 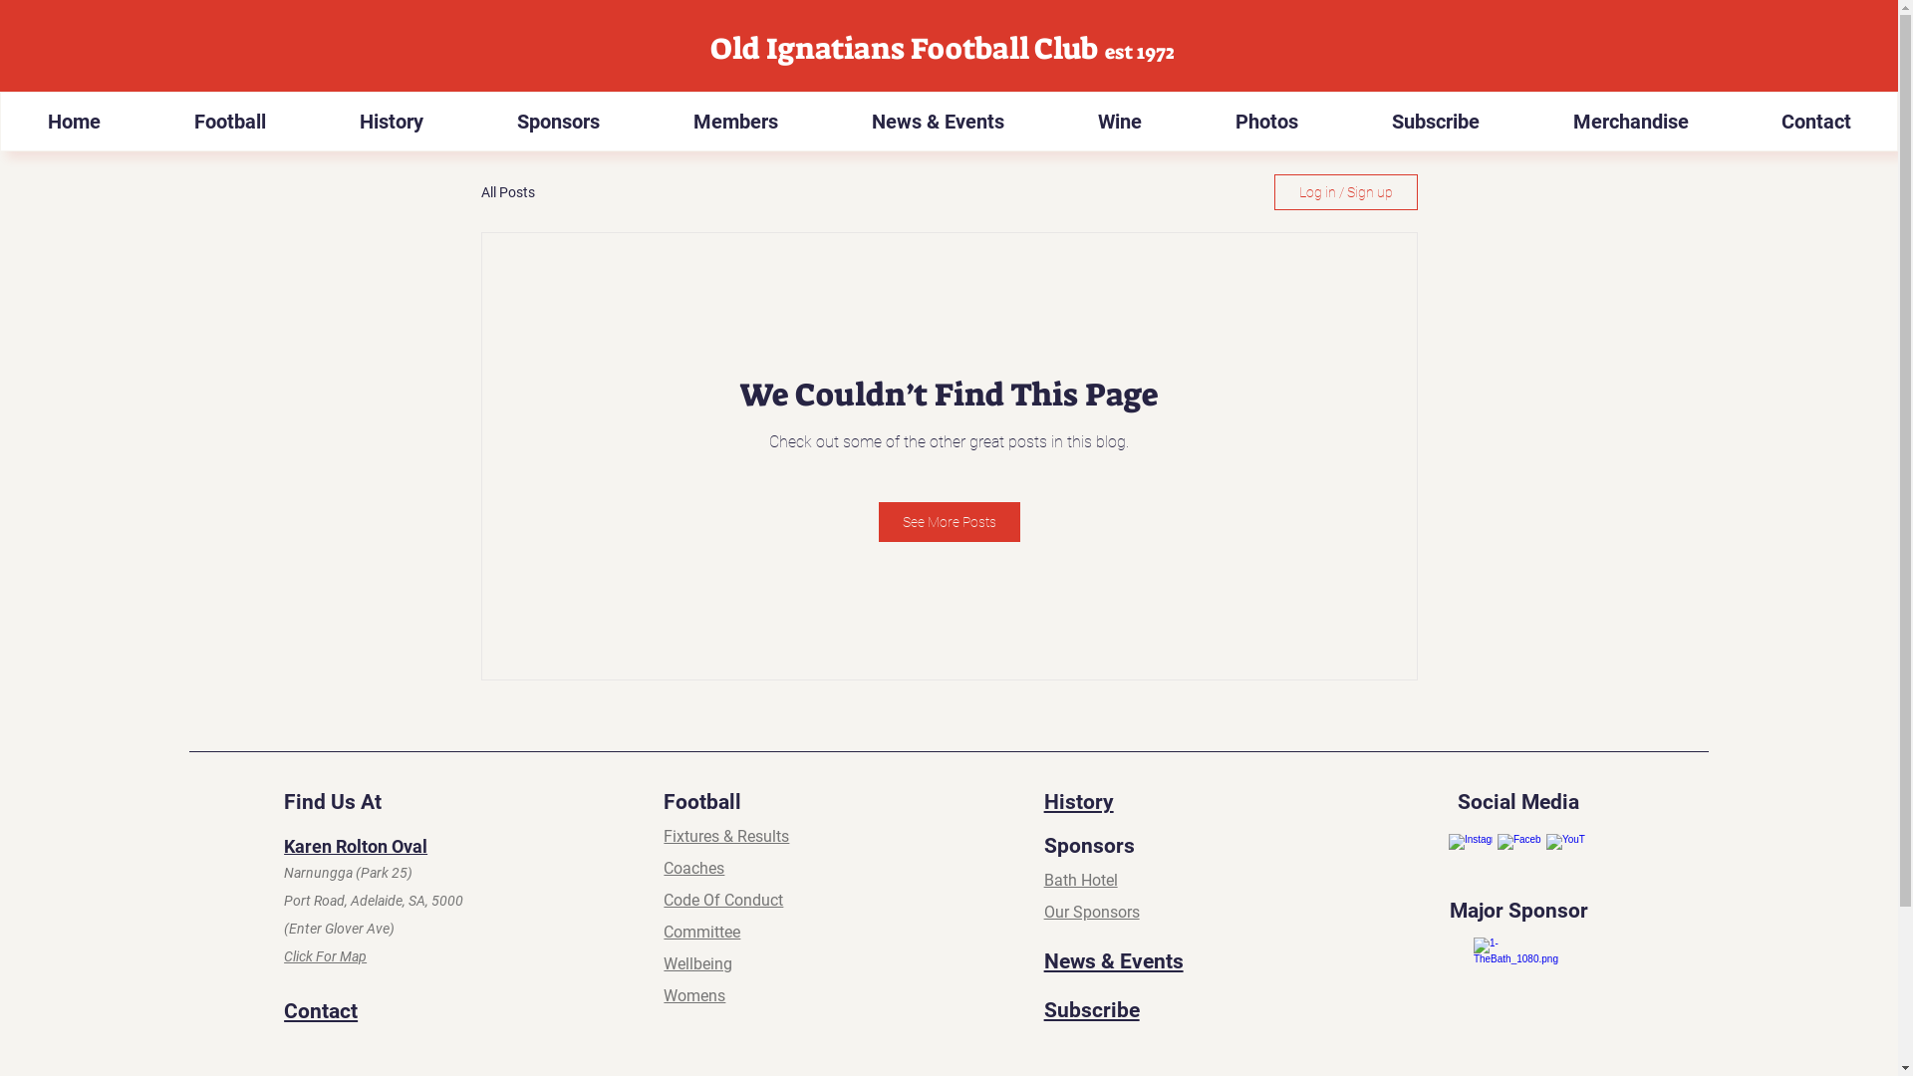 What do you see at coordinates (320, 1010) in the screenshot?
I see `'Contact'` at bounding box center [320, 1010].